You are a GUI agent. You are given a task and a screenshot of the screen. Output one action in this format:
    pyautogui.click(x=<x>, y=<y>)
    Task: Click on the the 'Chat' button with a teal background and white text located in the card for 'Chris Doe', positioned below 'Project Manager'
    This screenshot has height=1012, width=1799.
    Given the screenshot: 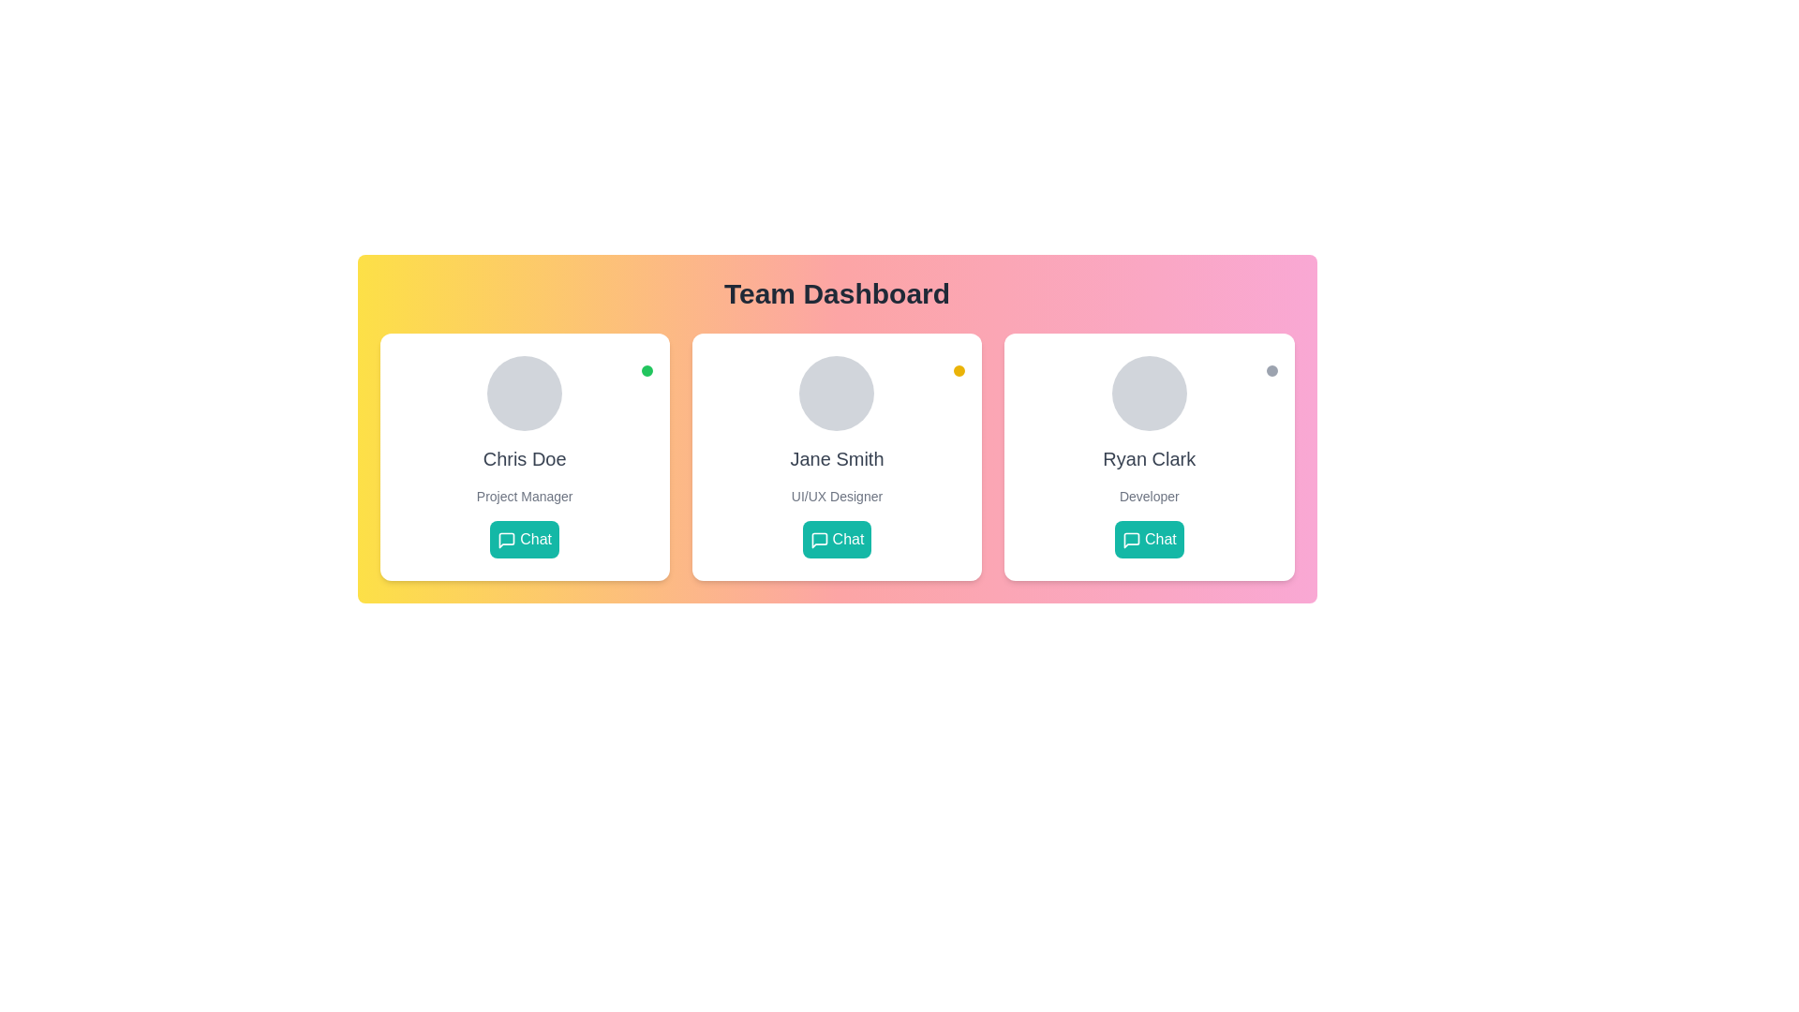 What is the action you would take?
    pyautogui.click(x=525, y=539)
    